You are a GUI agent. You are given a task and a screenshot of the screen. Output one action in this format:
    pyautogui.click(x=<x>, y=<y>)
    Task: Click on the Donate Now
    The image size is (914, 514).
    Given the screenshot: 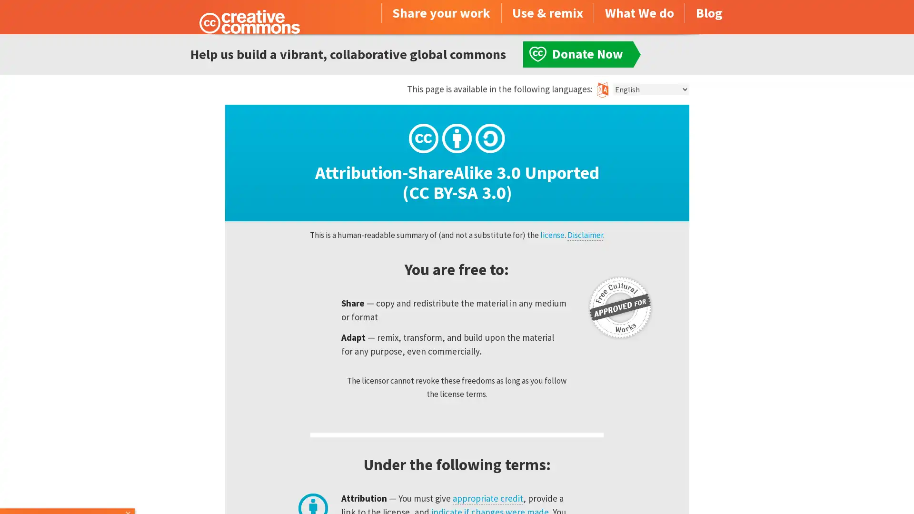 What is the action you would take?
    pyautogui.click(x=68, y=488)
    